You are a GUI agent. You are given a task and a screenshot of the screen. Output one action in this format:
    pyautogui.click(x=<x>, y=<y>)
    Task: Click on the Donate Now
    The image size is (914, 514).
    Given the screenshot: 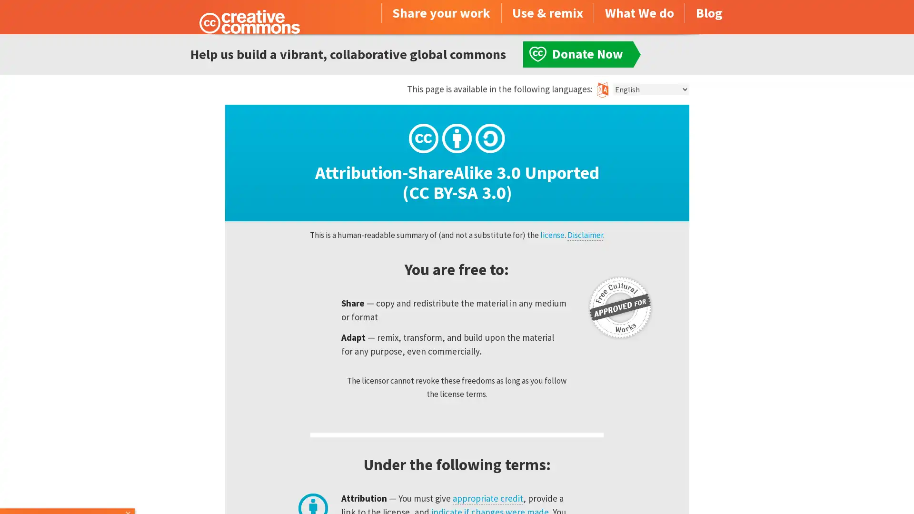 What is the action you would take?
    pyautogui.click(x=68, y=488)
    